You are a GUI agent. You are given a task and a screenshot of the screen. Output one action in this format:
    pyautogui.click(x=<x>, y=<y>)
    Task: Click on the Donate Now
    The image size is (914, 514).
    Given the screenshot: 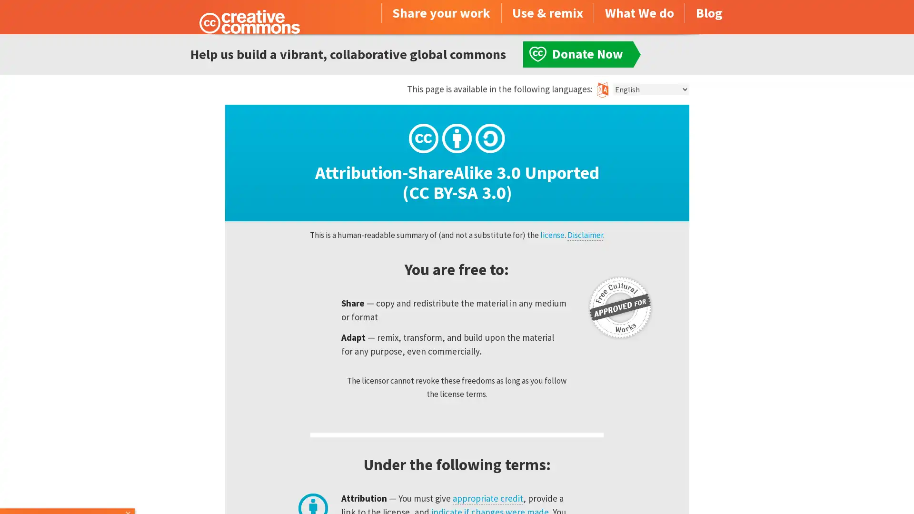 What is the action you would take?
    pyautogui.click(x=68, y=488)
    